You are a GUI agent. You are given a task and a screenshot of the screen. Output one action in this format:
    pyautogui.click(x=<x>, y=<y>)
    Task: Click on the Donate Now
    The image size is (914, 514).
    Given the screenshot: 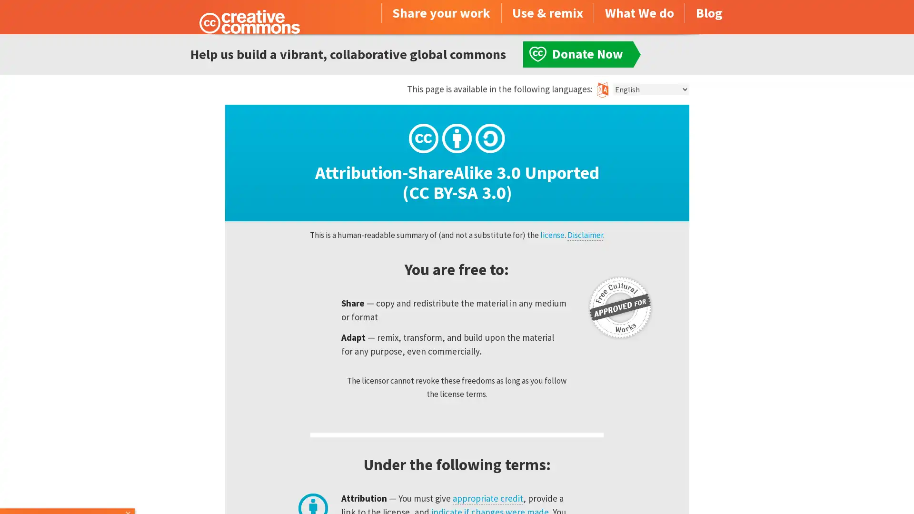 What is the action you would take?
    pyautogui.click(x=68, y=488)
    